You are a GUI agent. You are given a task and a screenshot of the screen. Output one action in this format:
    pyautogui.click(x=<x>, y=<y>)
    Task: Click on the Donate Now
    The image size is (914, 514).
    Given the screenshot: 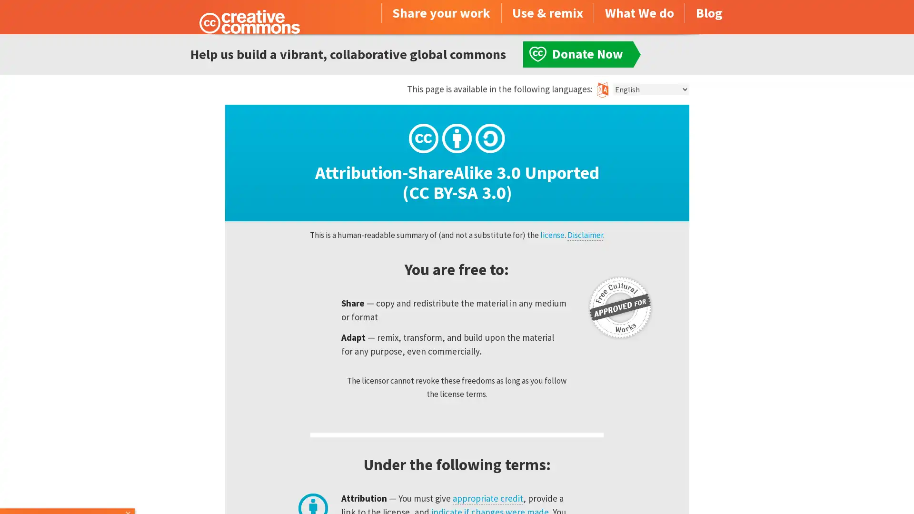 What is the action you would take?
    pyautogui.click(x=68, y=488)
    